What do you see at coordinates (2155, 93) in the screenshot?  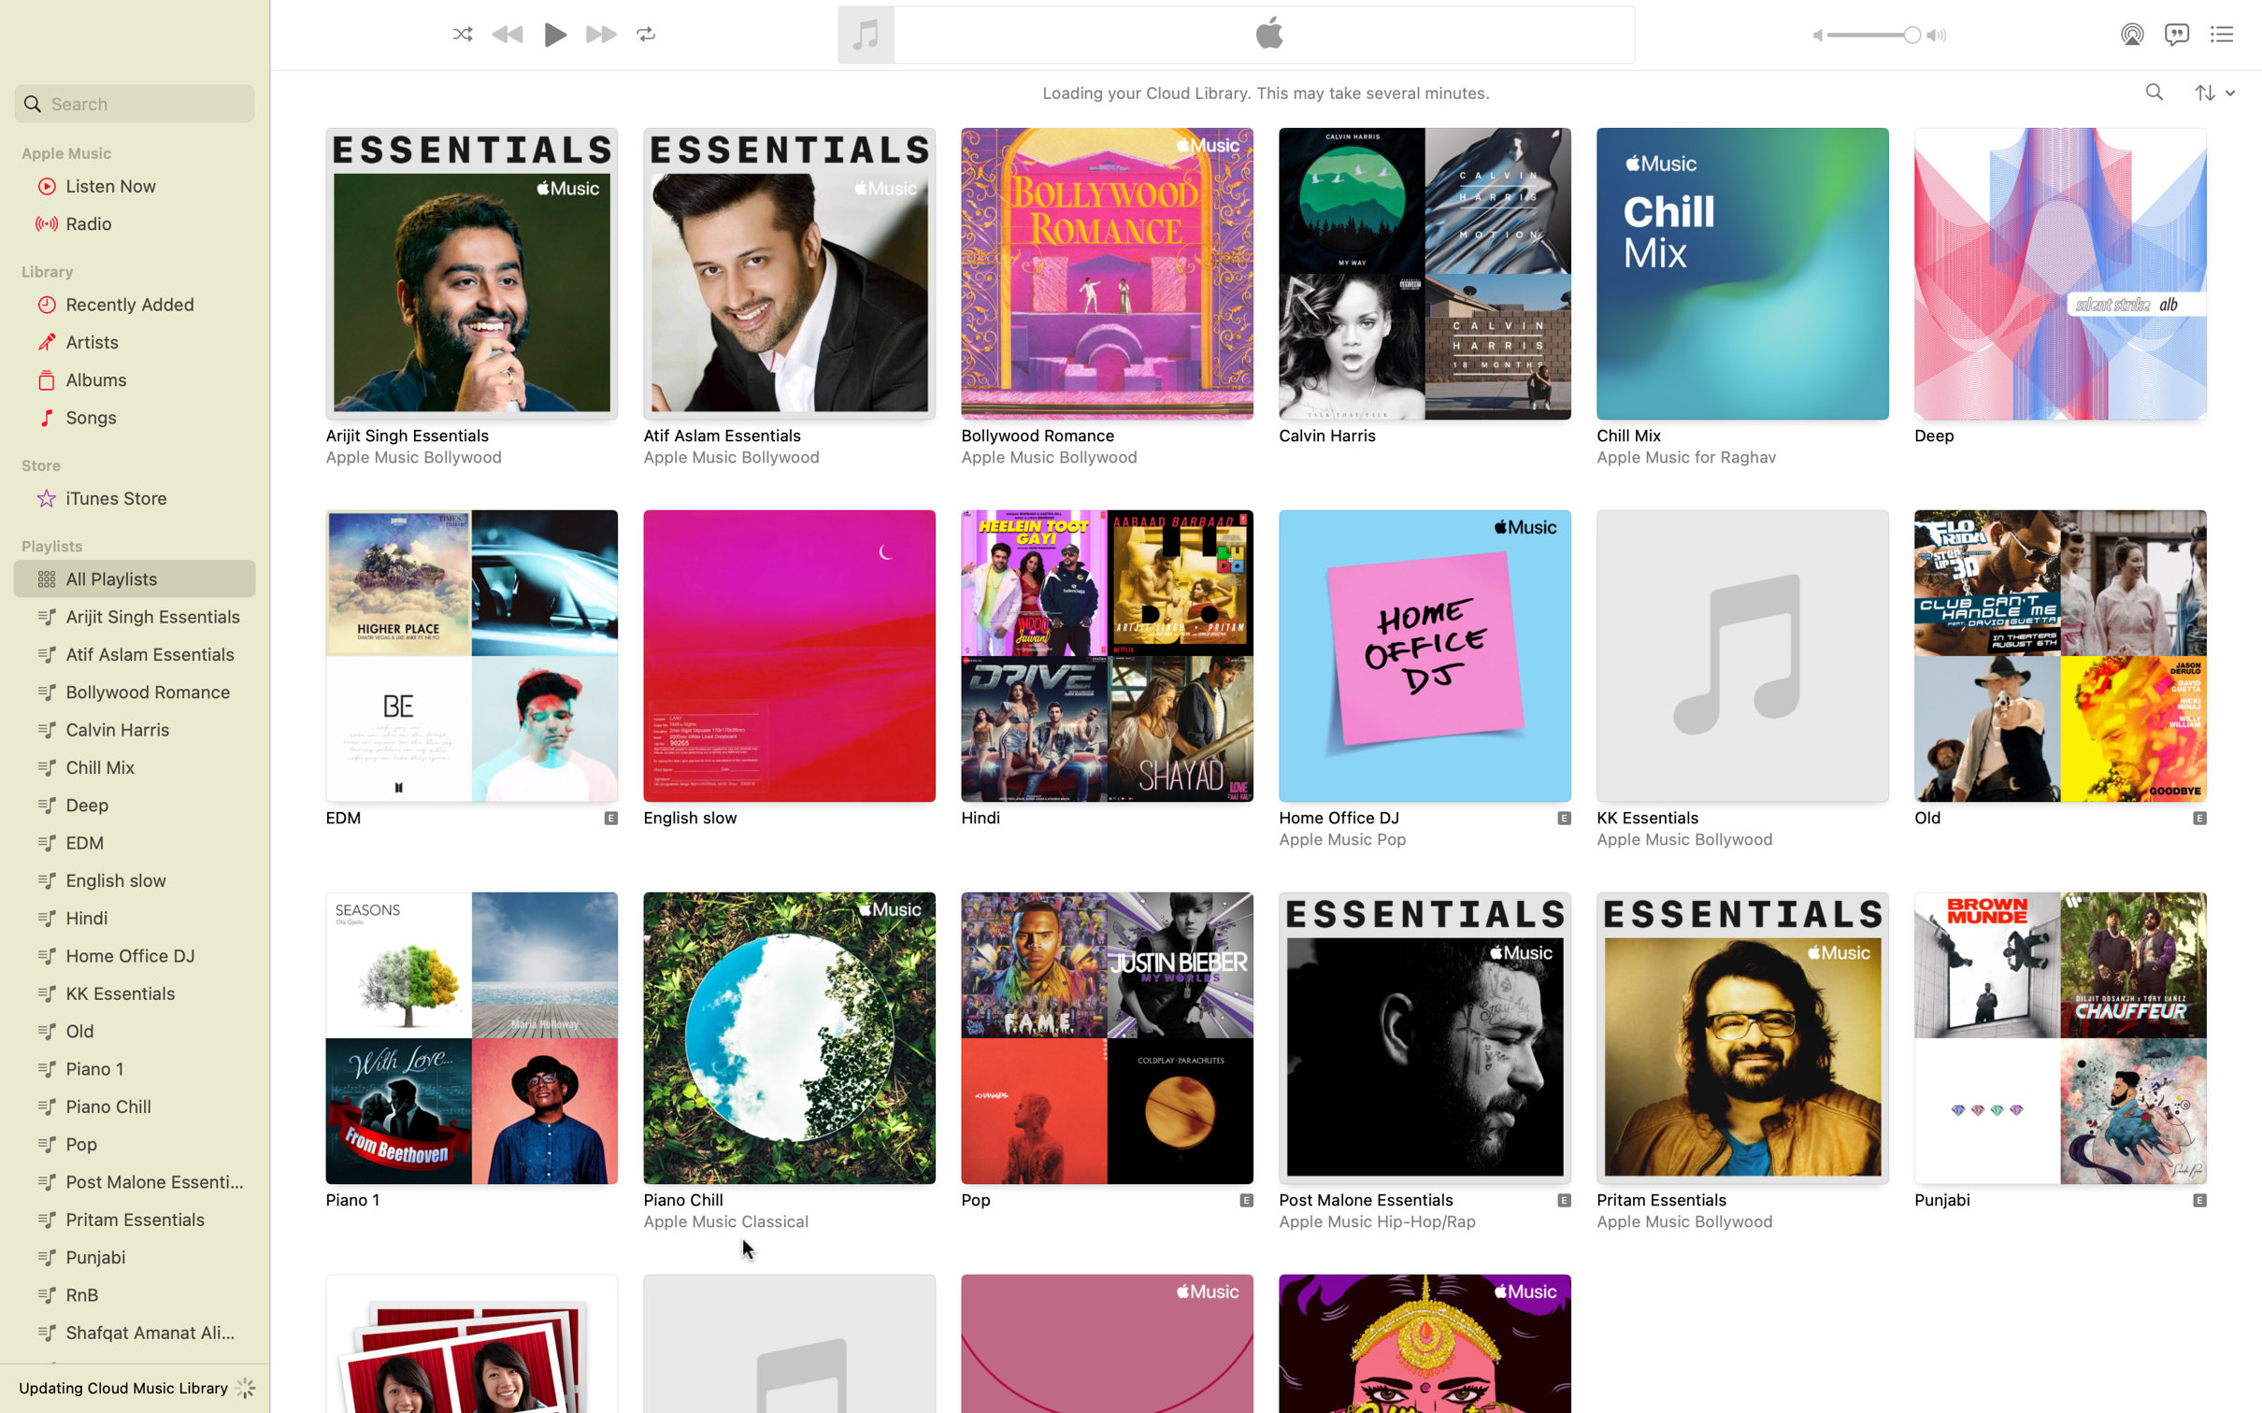 I see `the artist "Calvin Harris` at bounding box center [2155, 93].